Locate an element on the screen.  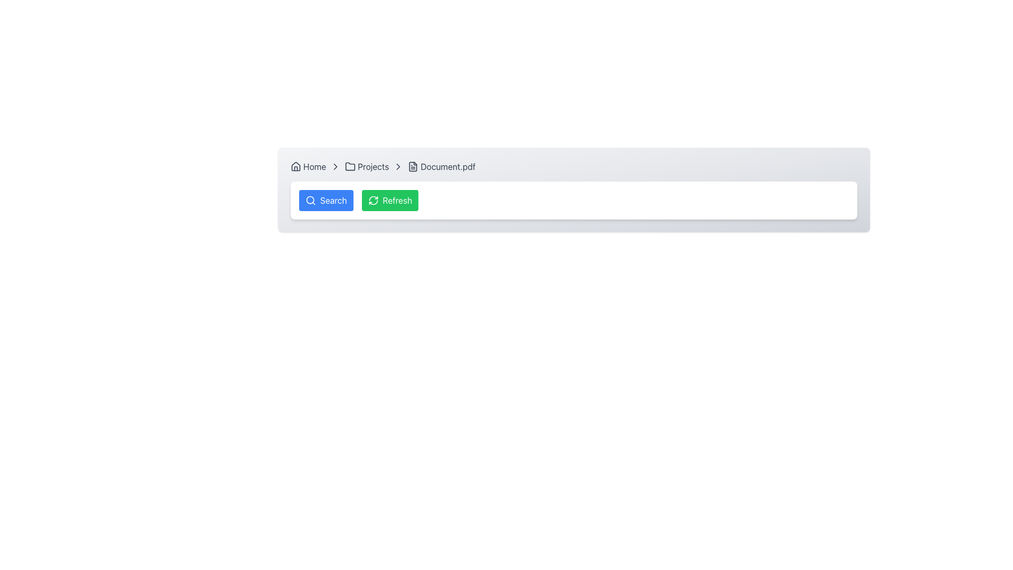
the 'Home' icon in the breadcrumb navigation is located at coordinates (295, 166).